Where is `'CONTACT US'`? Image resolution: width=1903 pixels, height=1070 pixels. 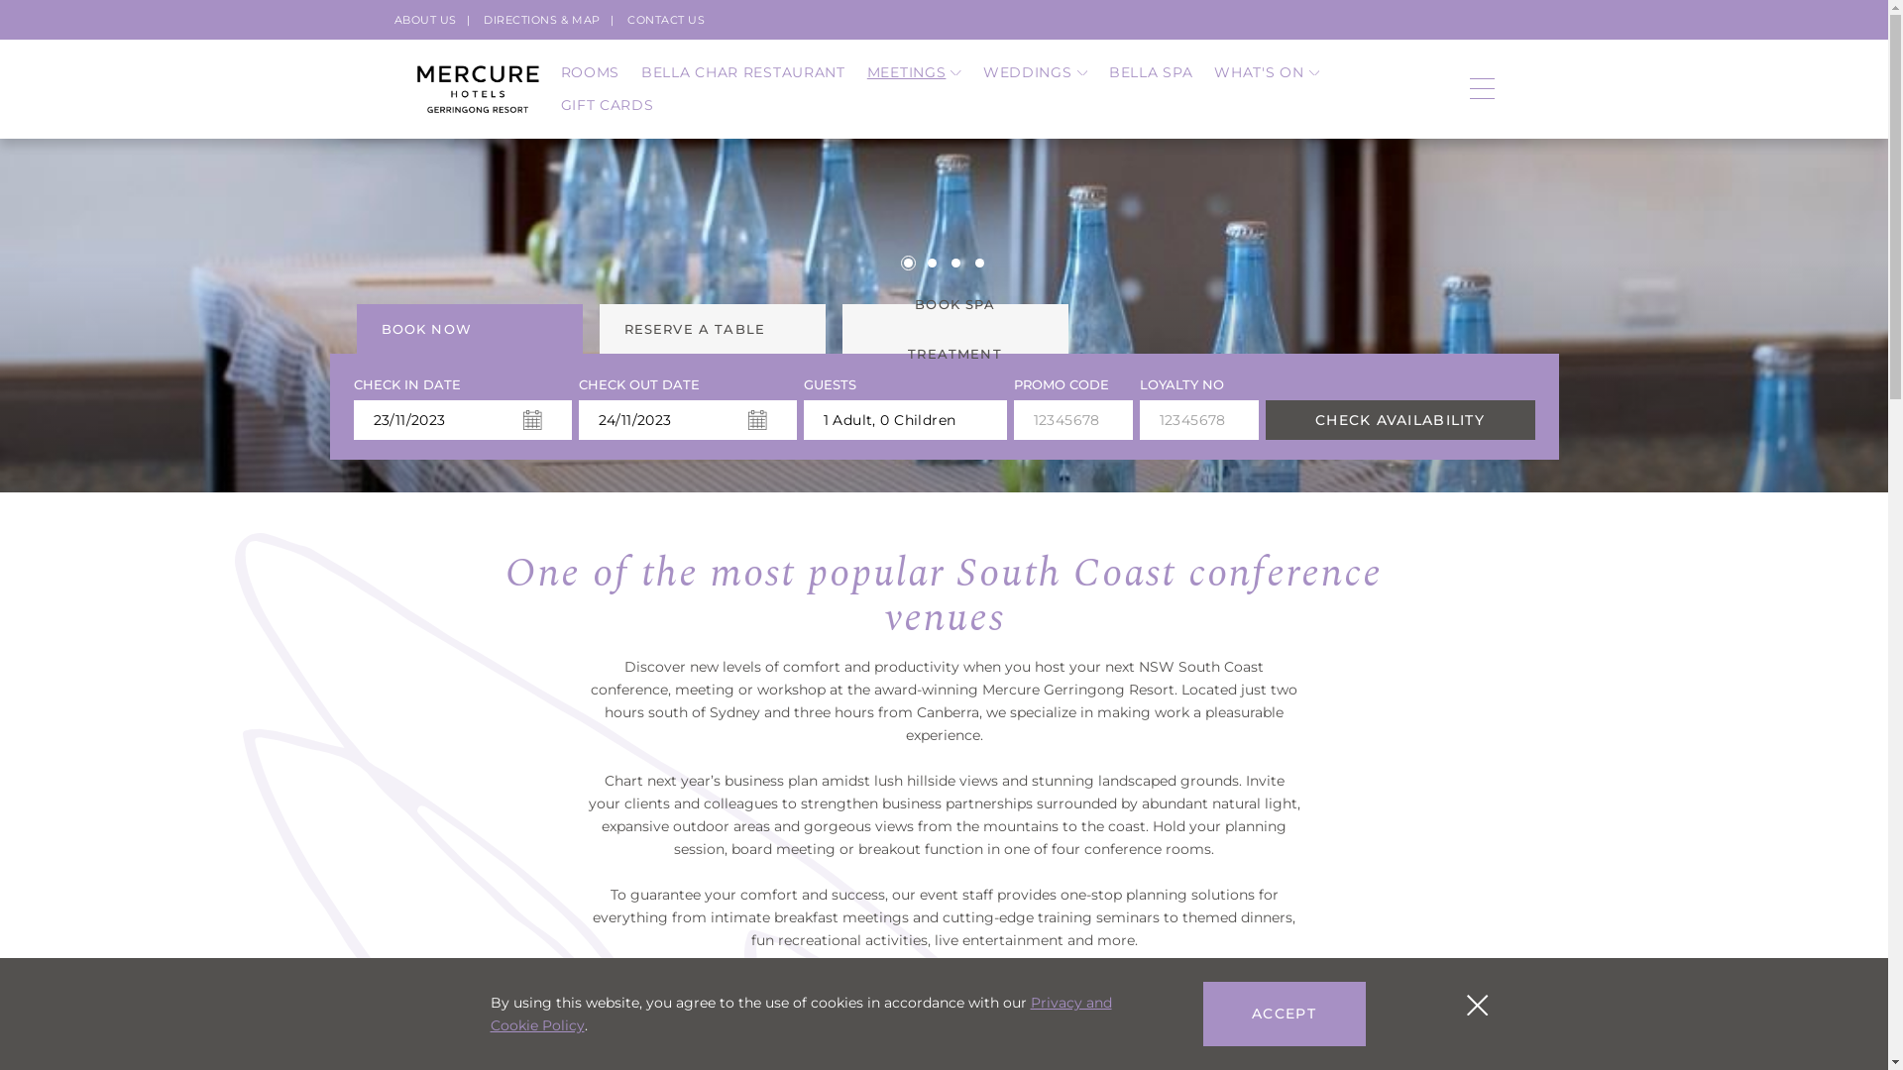
'CONTACT US' is located at coordinates (666, 19).